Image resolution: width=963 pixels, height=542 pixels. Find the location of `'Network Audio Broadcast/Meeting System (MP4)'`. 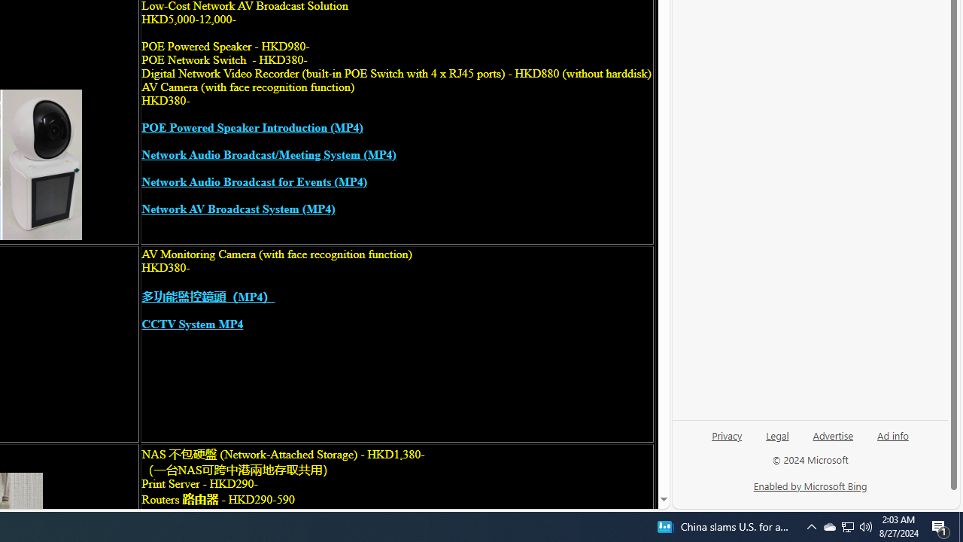

'Network Audio Broadcast/Meeting System (MP4)' is located at coordinates (269, 155).